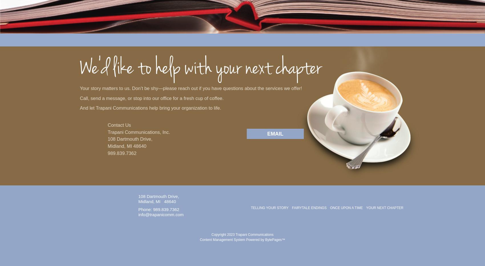 The height and width of the screenshot is (266, 485). Describe the element at coordinates (273, 239) in the screenshot. I see `'BytePages'` at that location.